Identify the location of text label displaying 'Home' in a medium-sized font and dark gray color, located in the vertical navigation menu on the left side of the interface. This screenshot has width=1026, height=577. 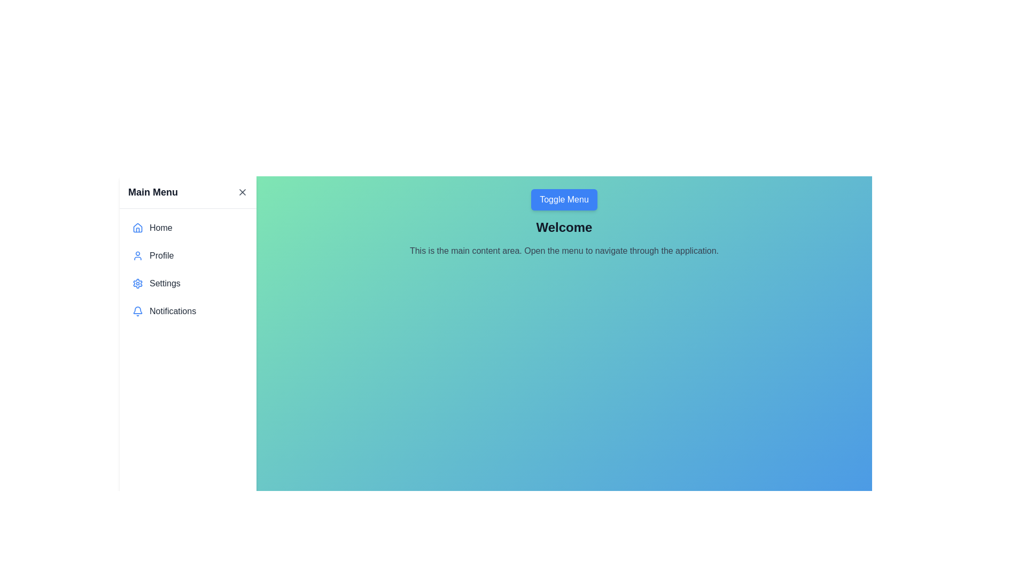
(160, 228).